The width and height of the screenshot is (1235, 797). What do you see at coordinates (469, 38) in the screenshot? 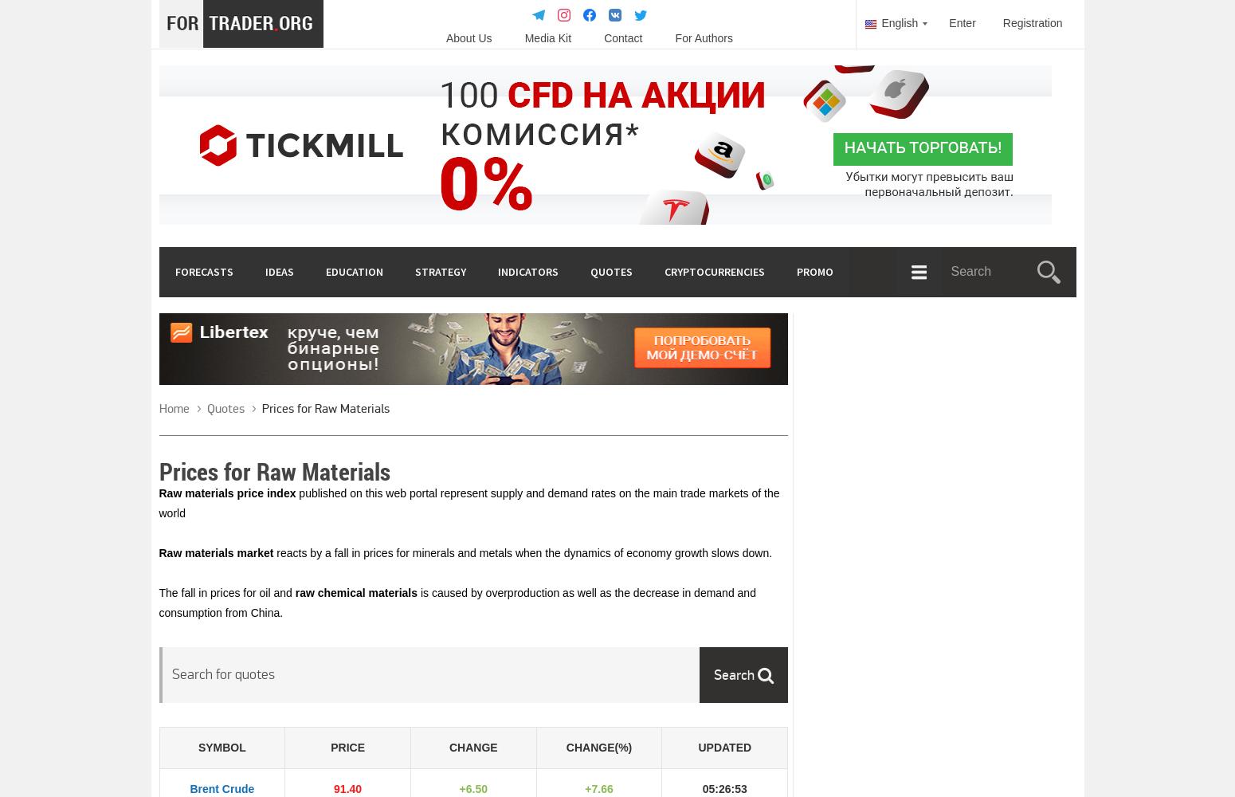
I see `'About Us'` at bounding box center [469, 38].